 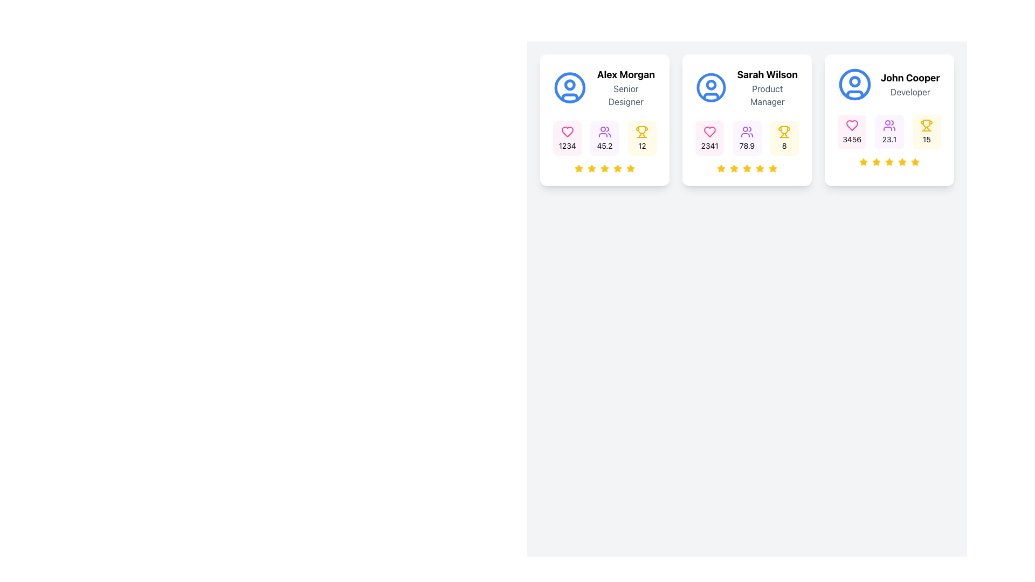 I want to click on the 'like' icon associated with Sarah Wilson's profile card, located in the upper left segment of the card layout, so click(x=709, y=131).